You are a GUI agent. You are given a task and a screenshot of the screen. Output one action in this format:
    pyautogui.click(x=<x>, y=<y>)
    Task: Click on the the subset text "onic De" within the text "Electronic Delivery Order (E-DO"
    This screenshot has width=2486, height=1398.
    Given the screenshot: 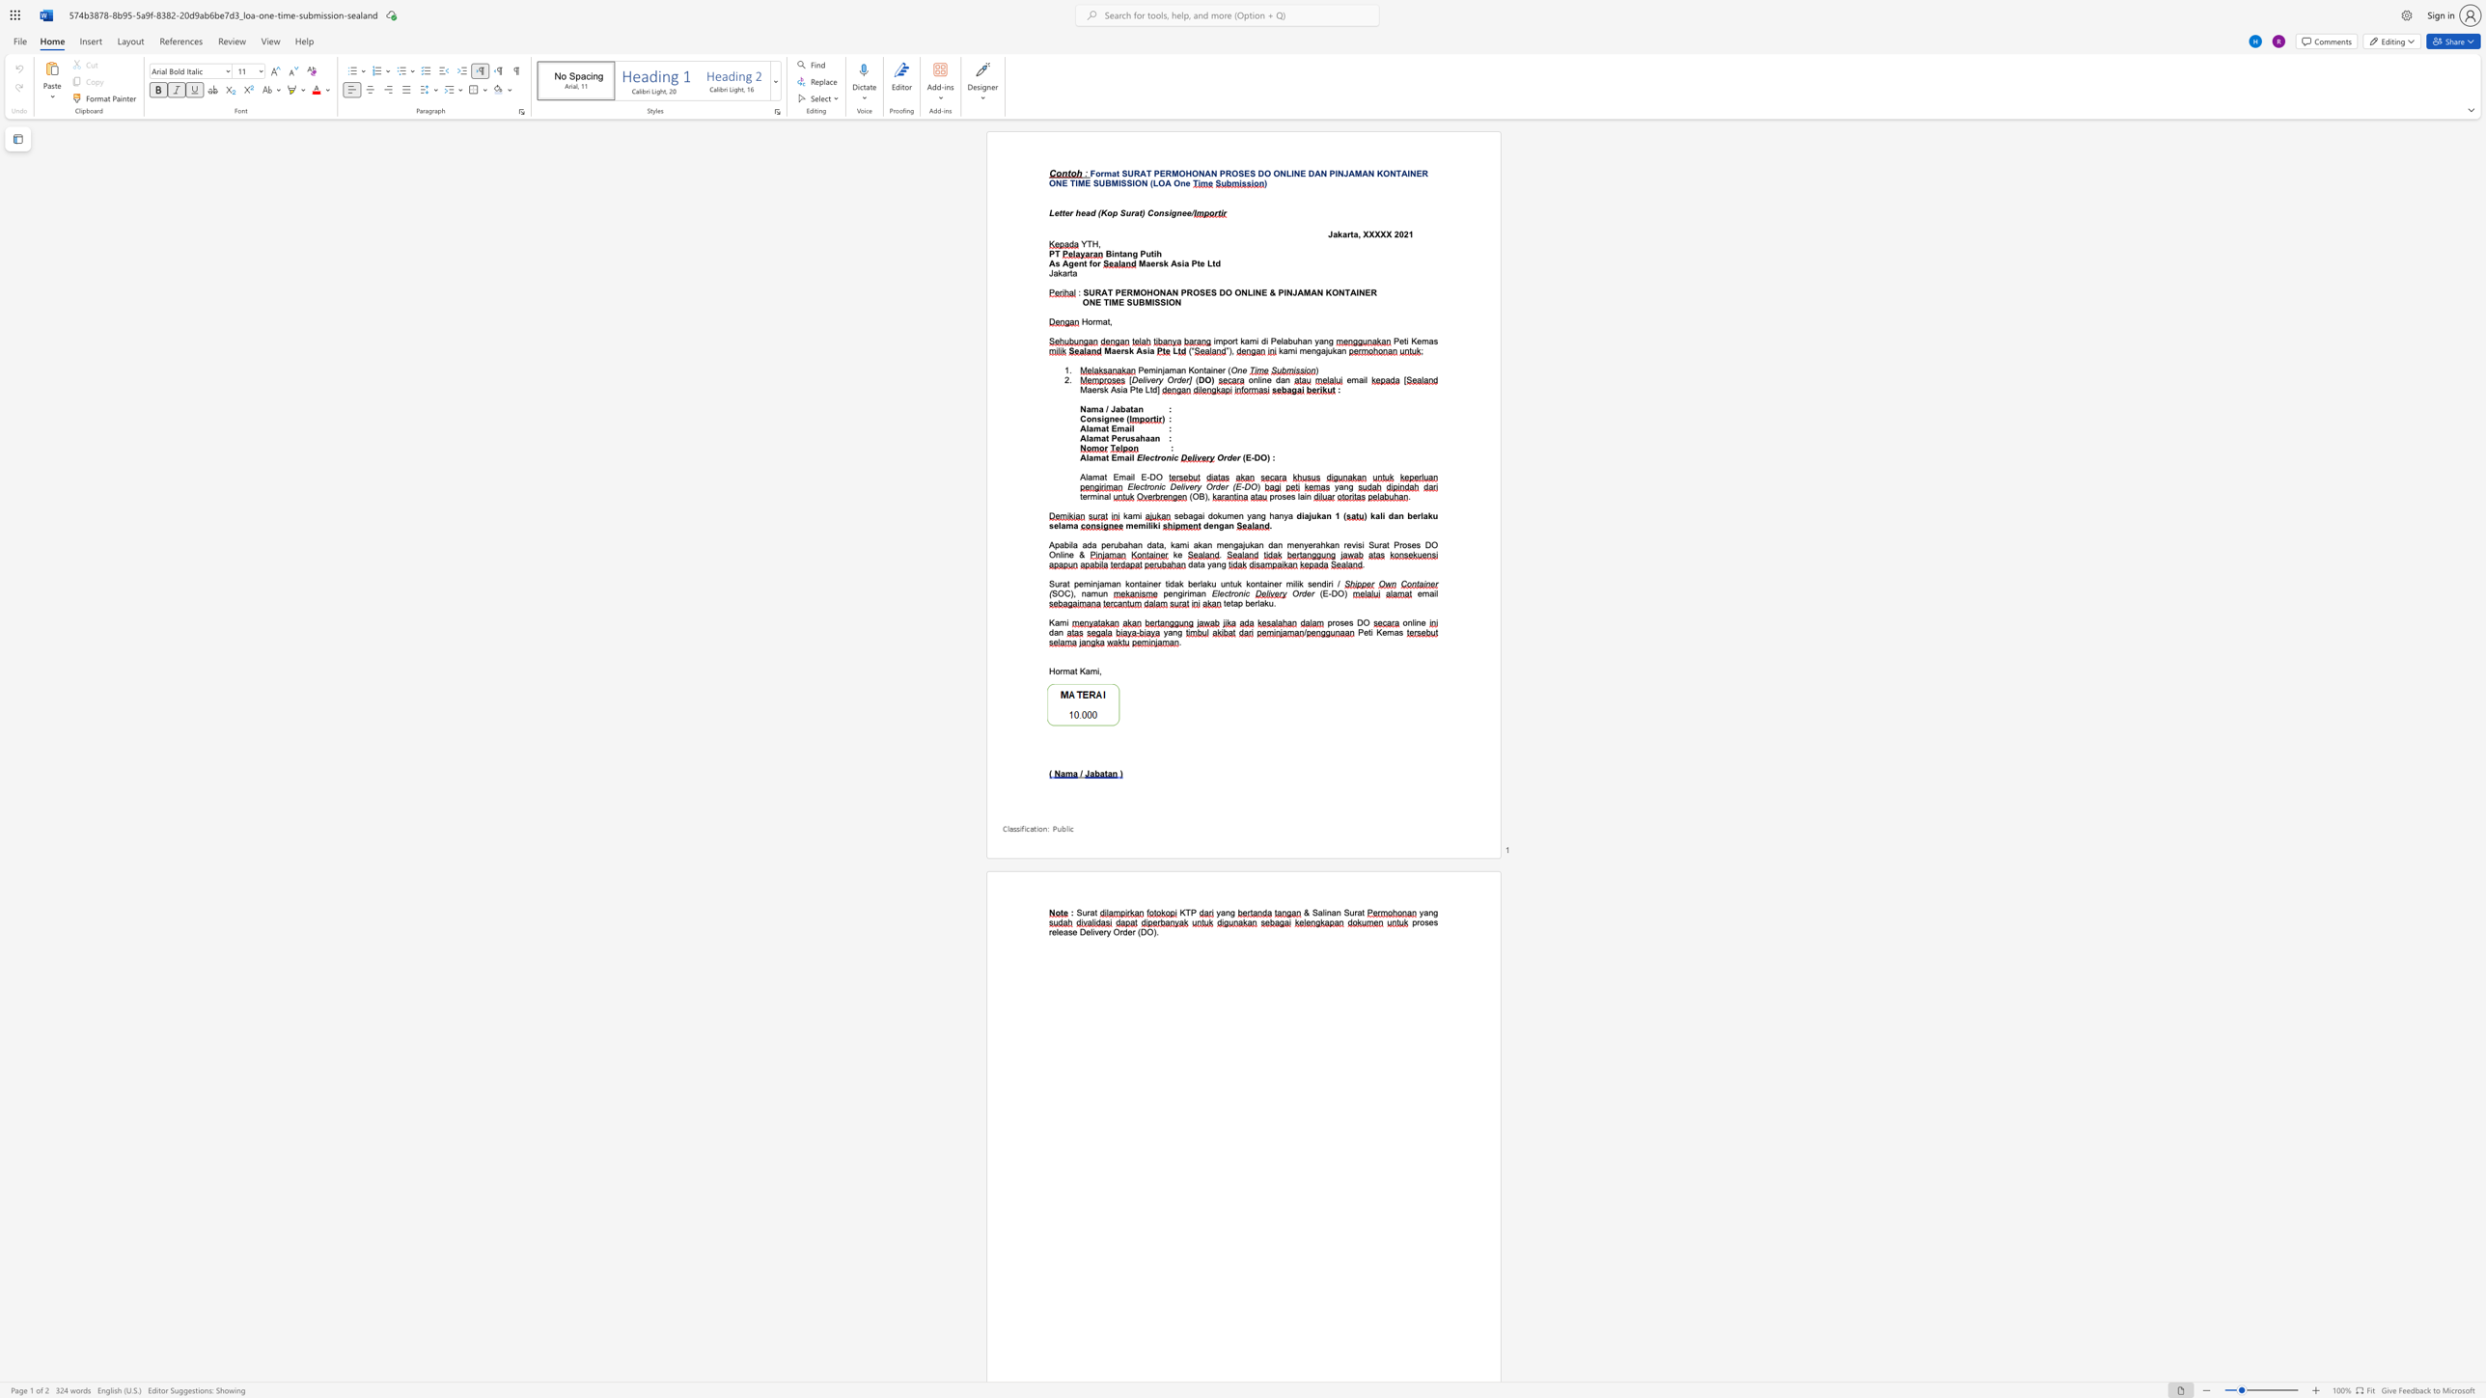 What is the action you would take?
    pyautogui.click(x=1149, y=486)
    